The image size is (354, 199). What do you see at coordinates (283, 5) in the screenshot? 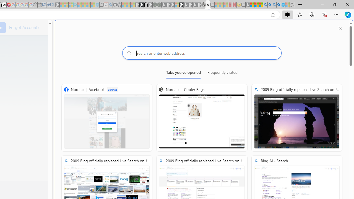
I see `'Services - Maintenance | Sky Blue Bikes - Sky Blue Bikes'` at bounding box center [283, 5].